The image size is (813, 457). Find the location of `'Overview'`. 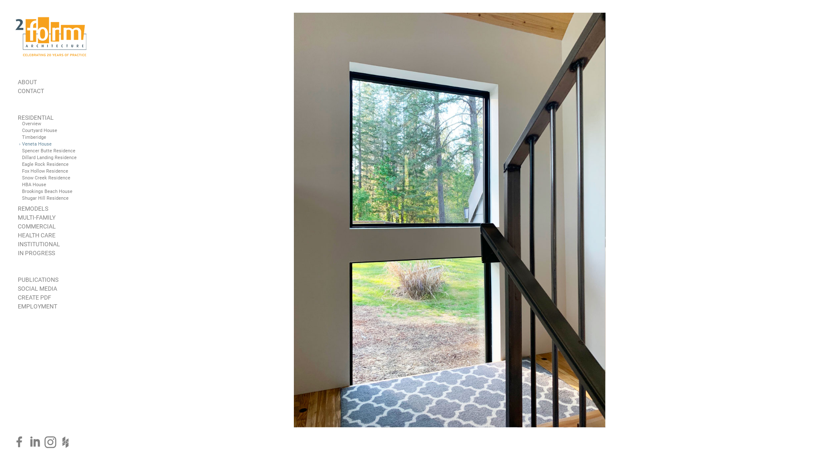

'Overview' is located at coordinates (31, 124).